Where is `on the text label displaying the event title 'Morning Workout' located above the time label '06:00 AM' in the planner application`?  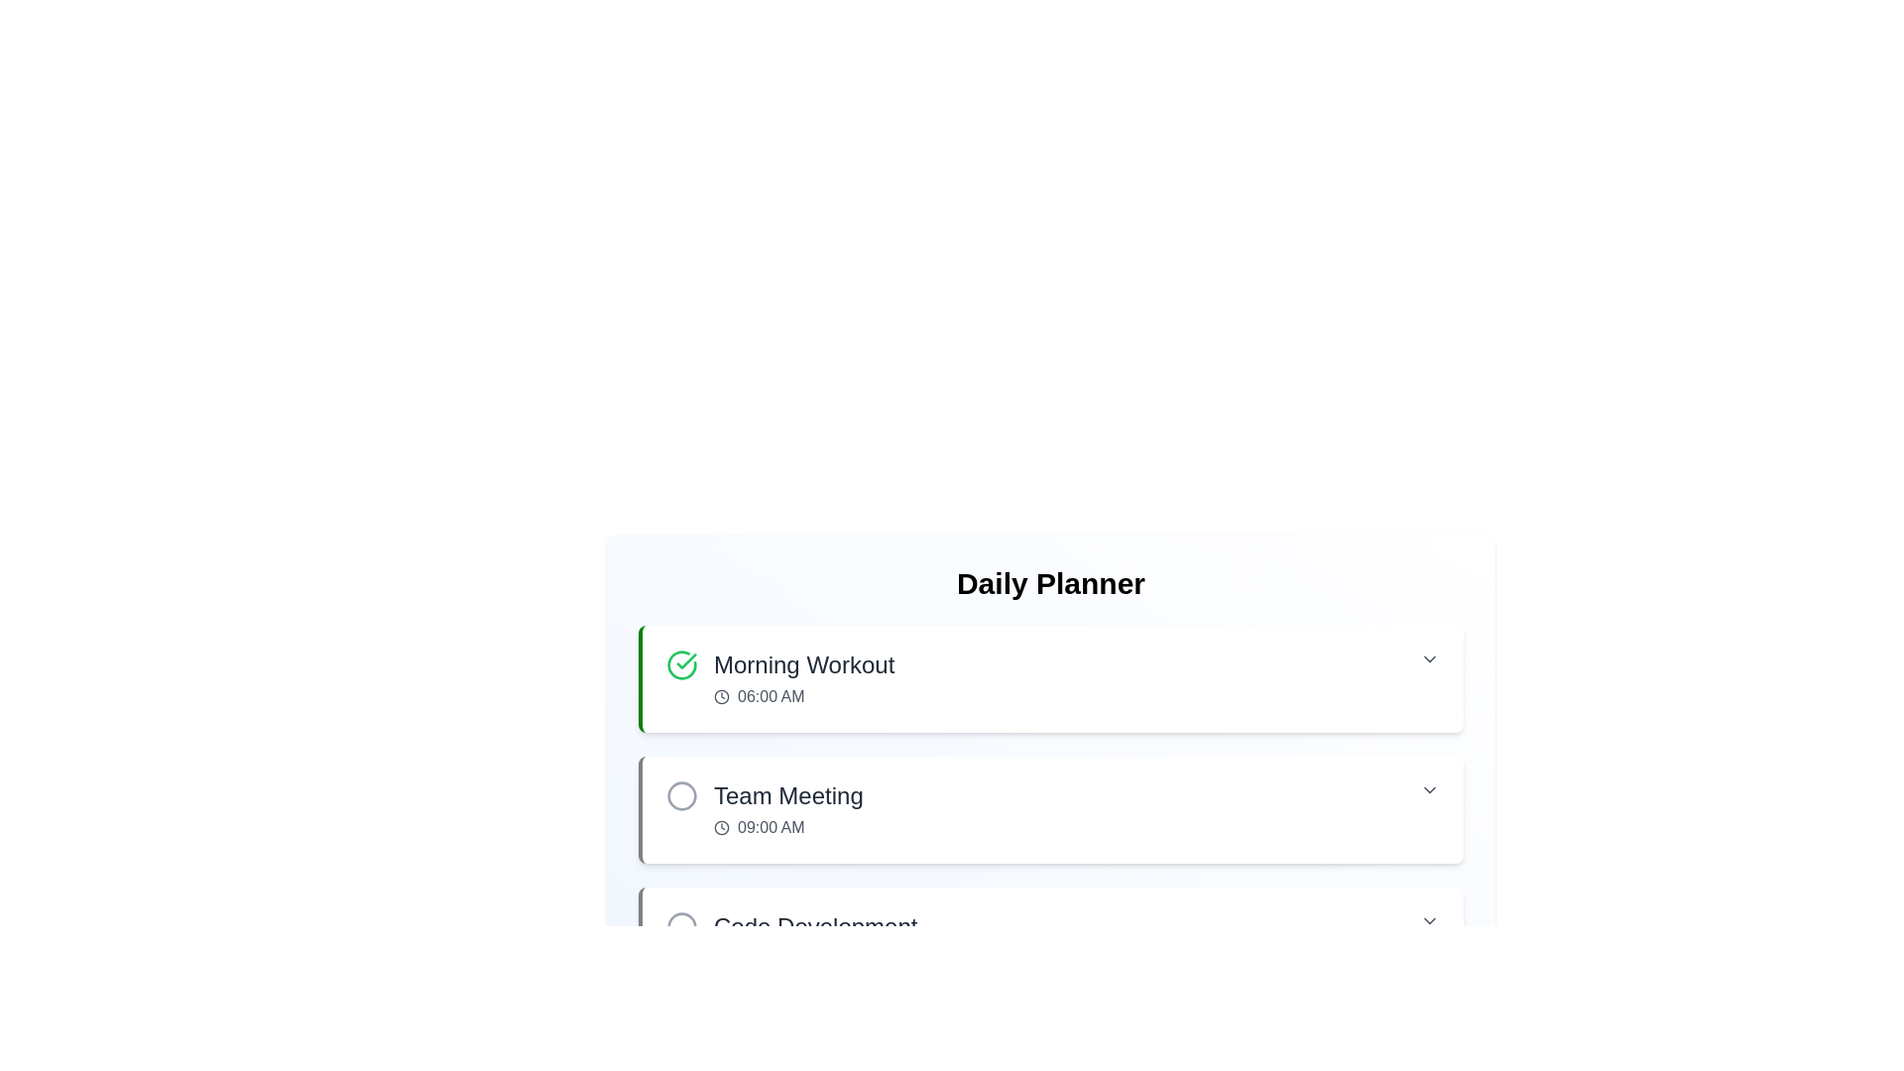
on the text label displaying the event title 'Morning Workout' located above the time label '06:00 AM' in the planner application is located at coordinates (804, 665).